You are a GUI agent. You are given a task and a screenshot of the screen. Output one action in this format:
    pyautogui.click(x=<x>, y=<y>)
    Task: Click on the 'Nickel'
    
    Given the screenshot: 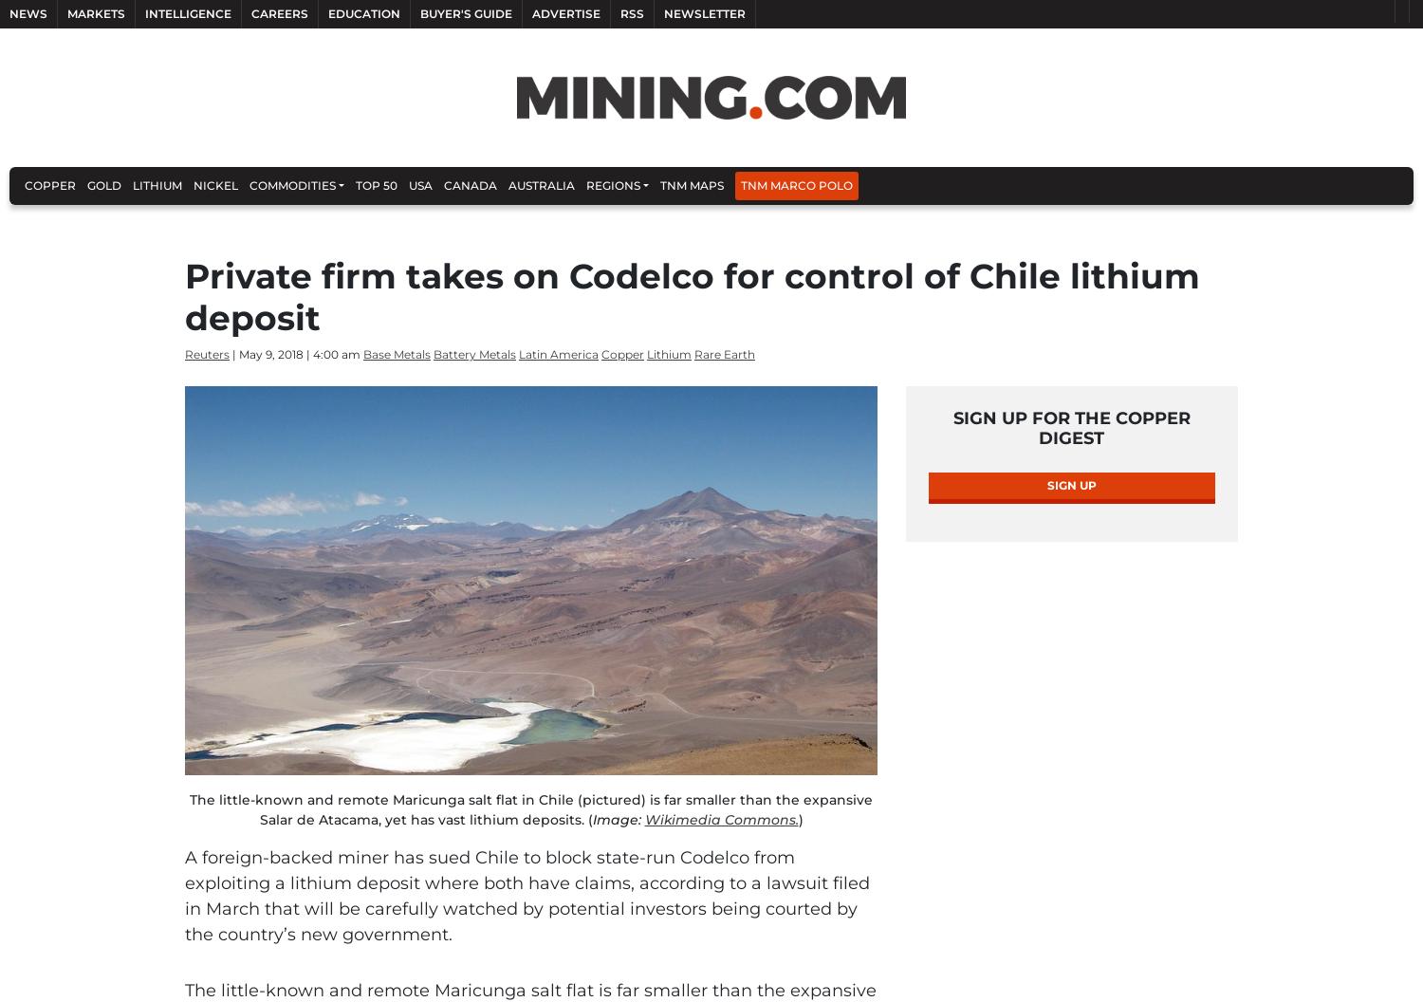 What is the action you would take?
    pyautogui.click(x=214, y=185)
    